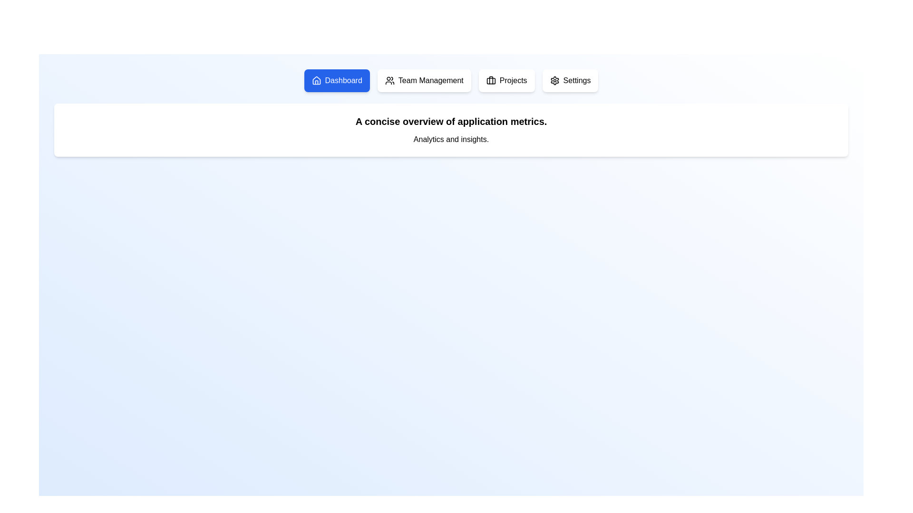  Describe the element at coordinates (451, 121) in the screenshot. I see `text element that contains 'A concise overview of application metrics.' located prominently at the top of the interface, beneath the navigation bar` at that location.